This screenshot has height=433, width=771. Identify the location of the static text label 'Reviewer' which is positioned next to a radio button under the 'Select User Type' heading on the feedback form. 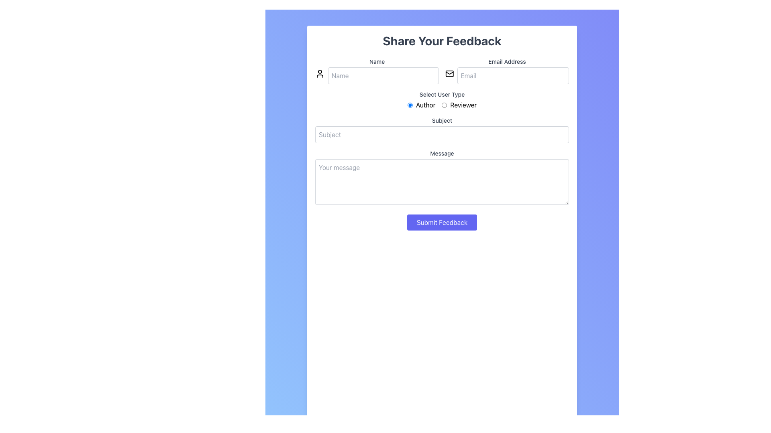
(463, 105).